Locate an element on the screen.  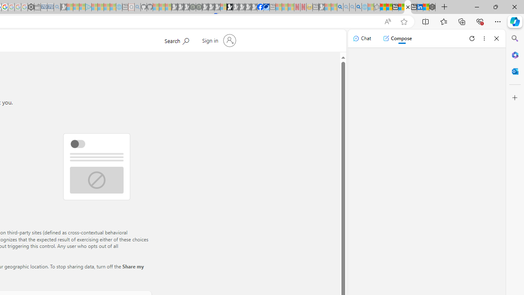
'Sign in to your account - Sleeping' is located at coordinates (223, 7).